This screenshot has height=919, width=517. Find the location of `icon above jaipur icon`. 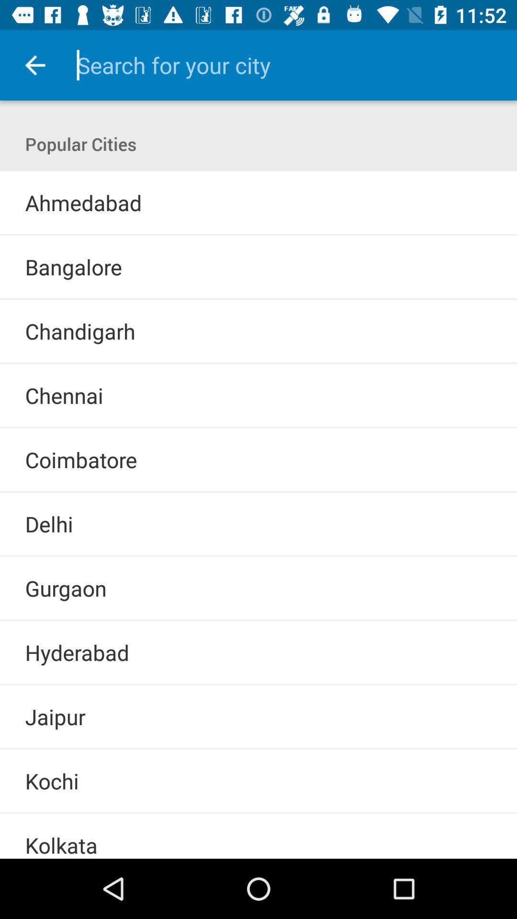

icon above jaipur icon is located at coordinates (258, 684).